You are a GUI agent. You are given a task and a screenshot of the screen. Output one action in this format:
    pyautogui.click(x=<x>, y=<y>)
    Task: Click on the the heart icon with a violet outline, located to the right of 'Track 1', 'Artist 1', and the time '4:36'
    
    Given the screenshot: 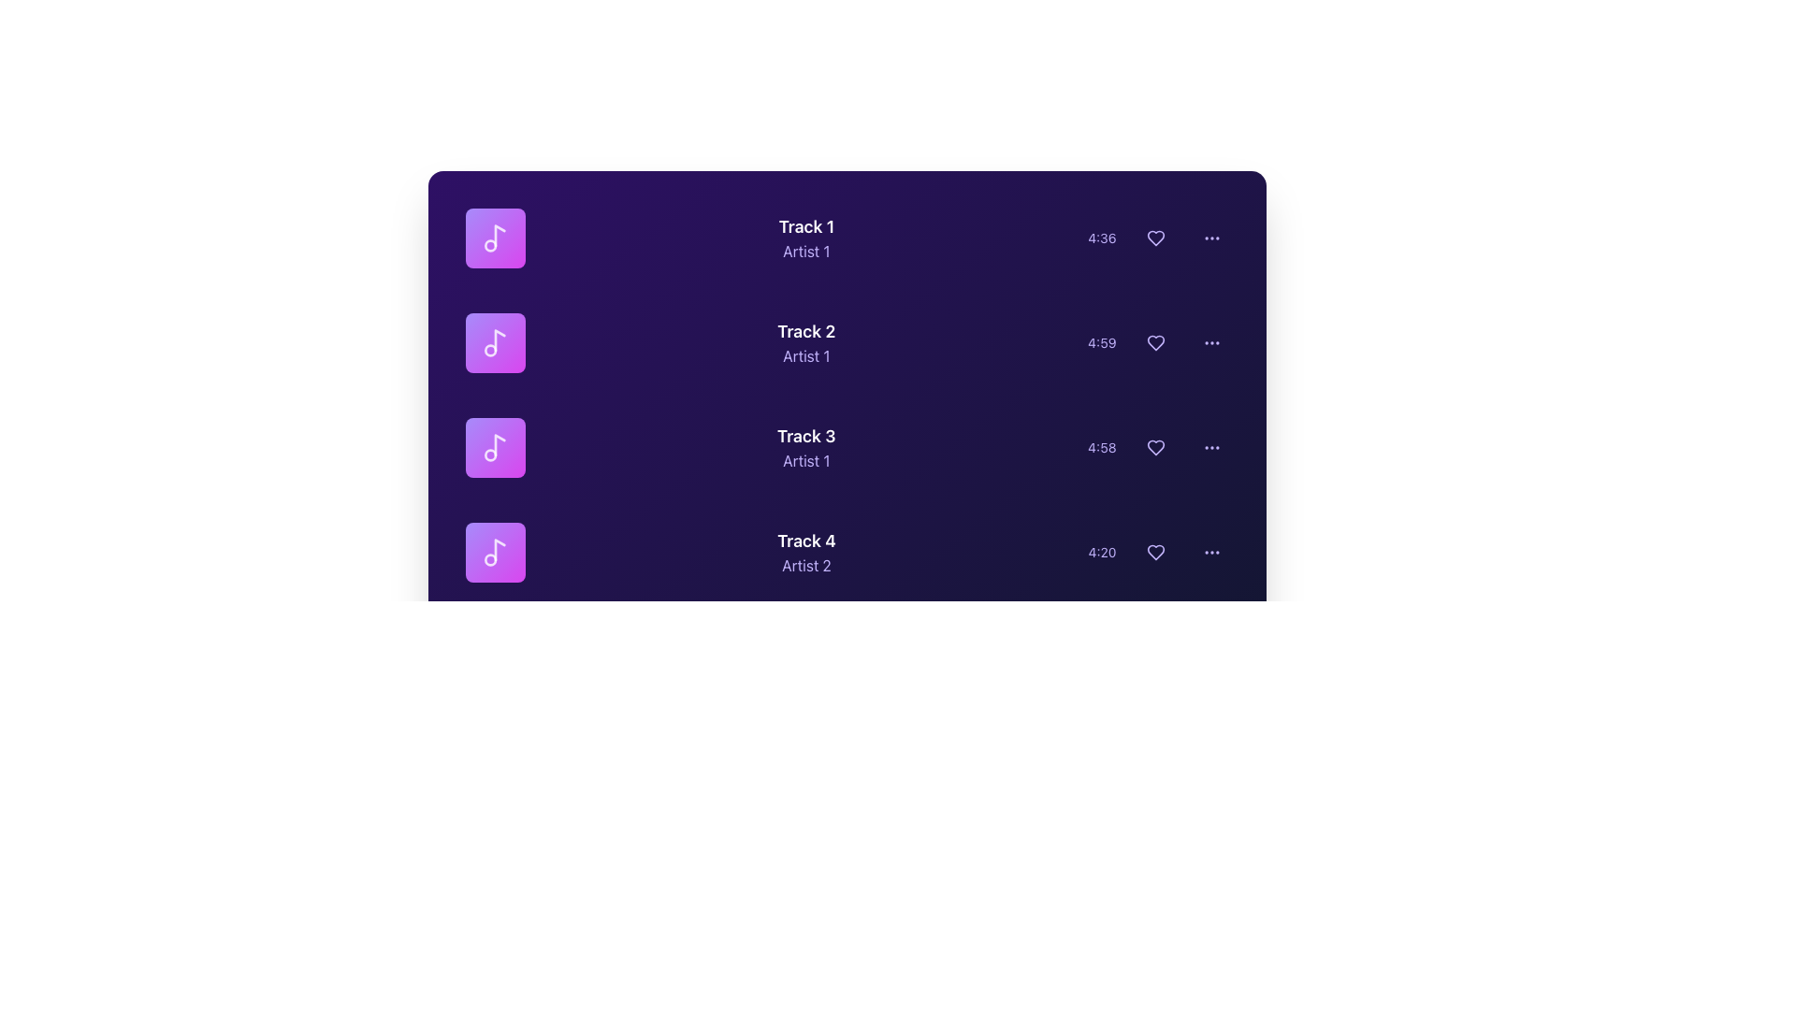 What is the action you would take?
    pyautogui.click(x=1154, y=237)
    